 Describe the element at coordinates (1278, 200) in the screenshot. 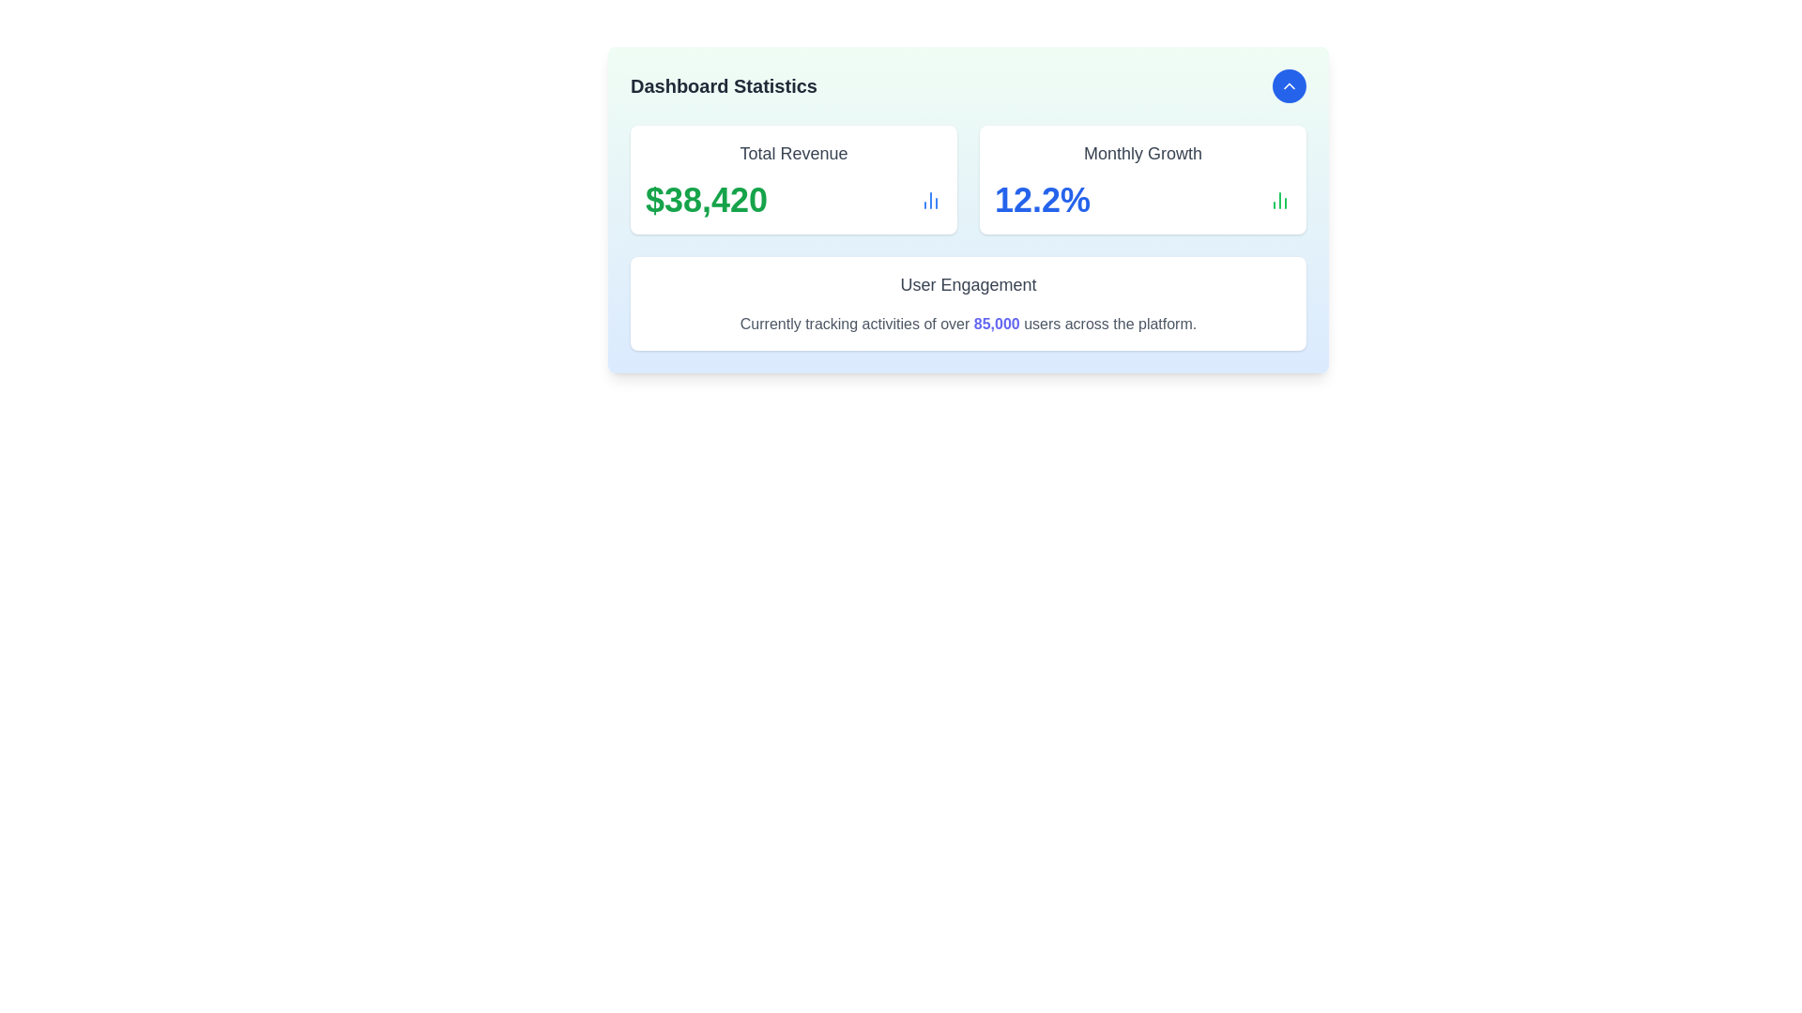

I see `the icon representing growth metrics, located immediately to the right of the '12.2%' text in the 'Monthly Growth' section` at that location.